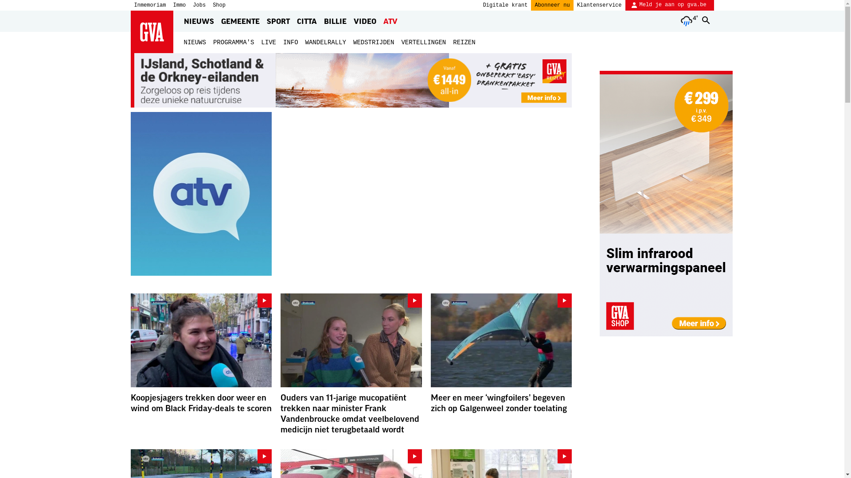  What do you see at coordinates (365, 20) in the screenshot?
I see `'VIDEO'` at bounding box center [365, 20].